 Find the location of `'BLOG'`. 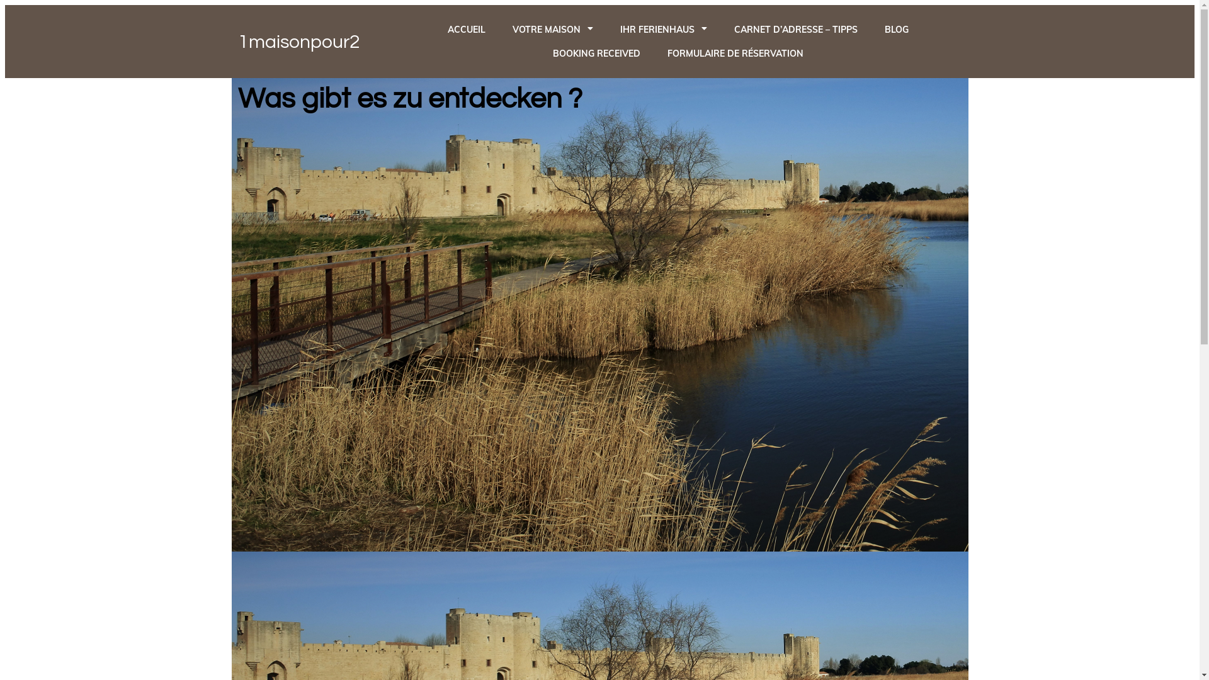

'BLOG' is located at coordinates (871, 28).